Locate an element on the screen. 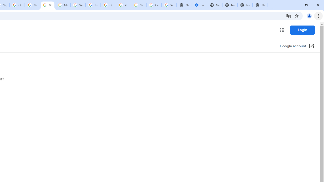 This screenshot has height=182, width=324. 'Translate this page' is located at coordinates (288, 15).